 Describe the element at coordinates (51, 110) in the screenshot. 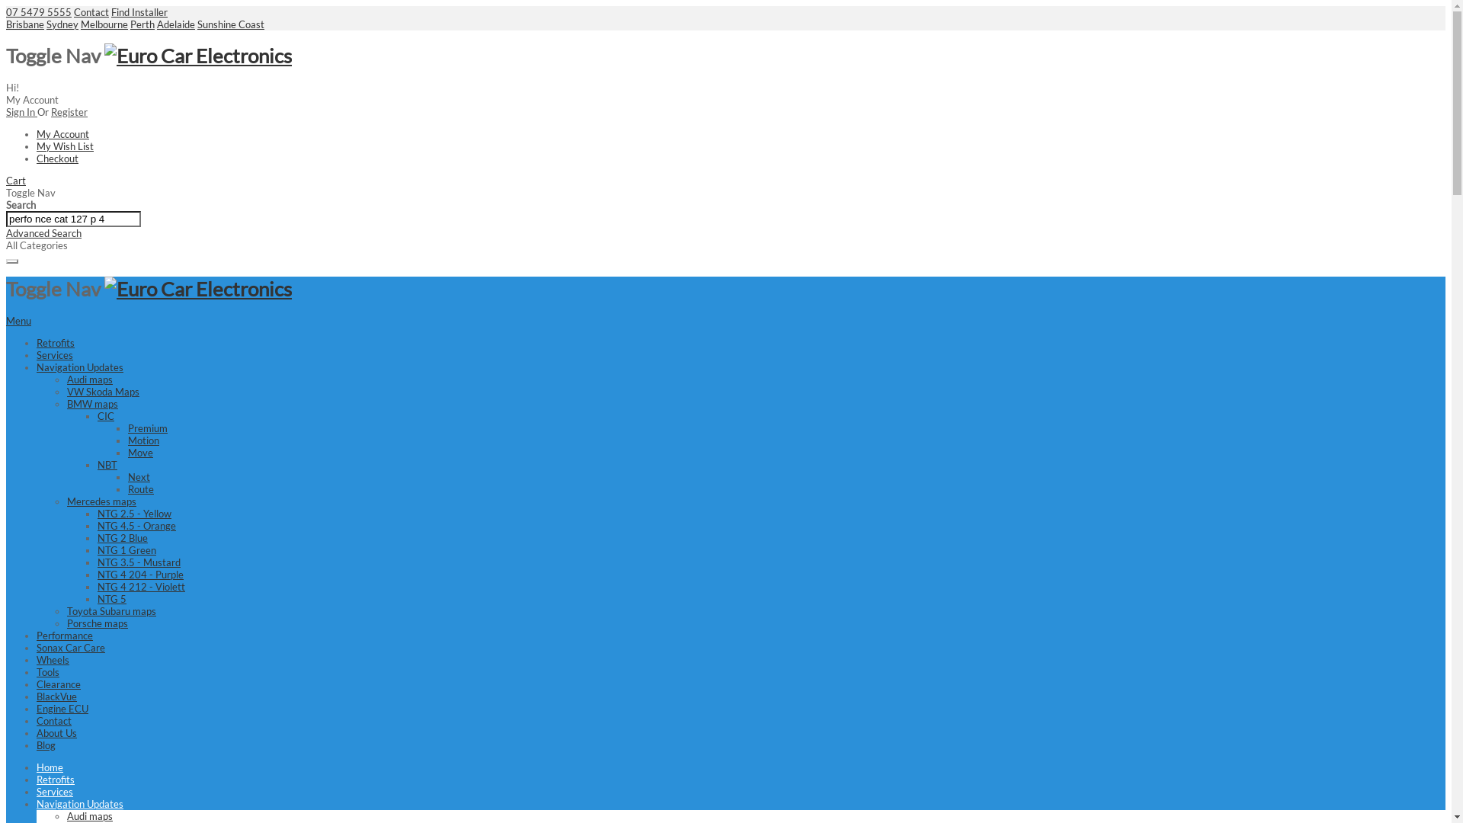

I see `'Register'` at that location.